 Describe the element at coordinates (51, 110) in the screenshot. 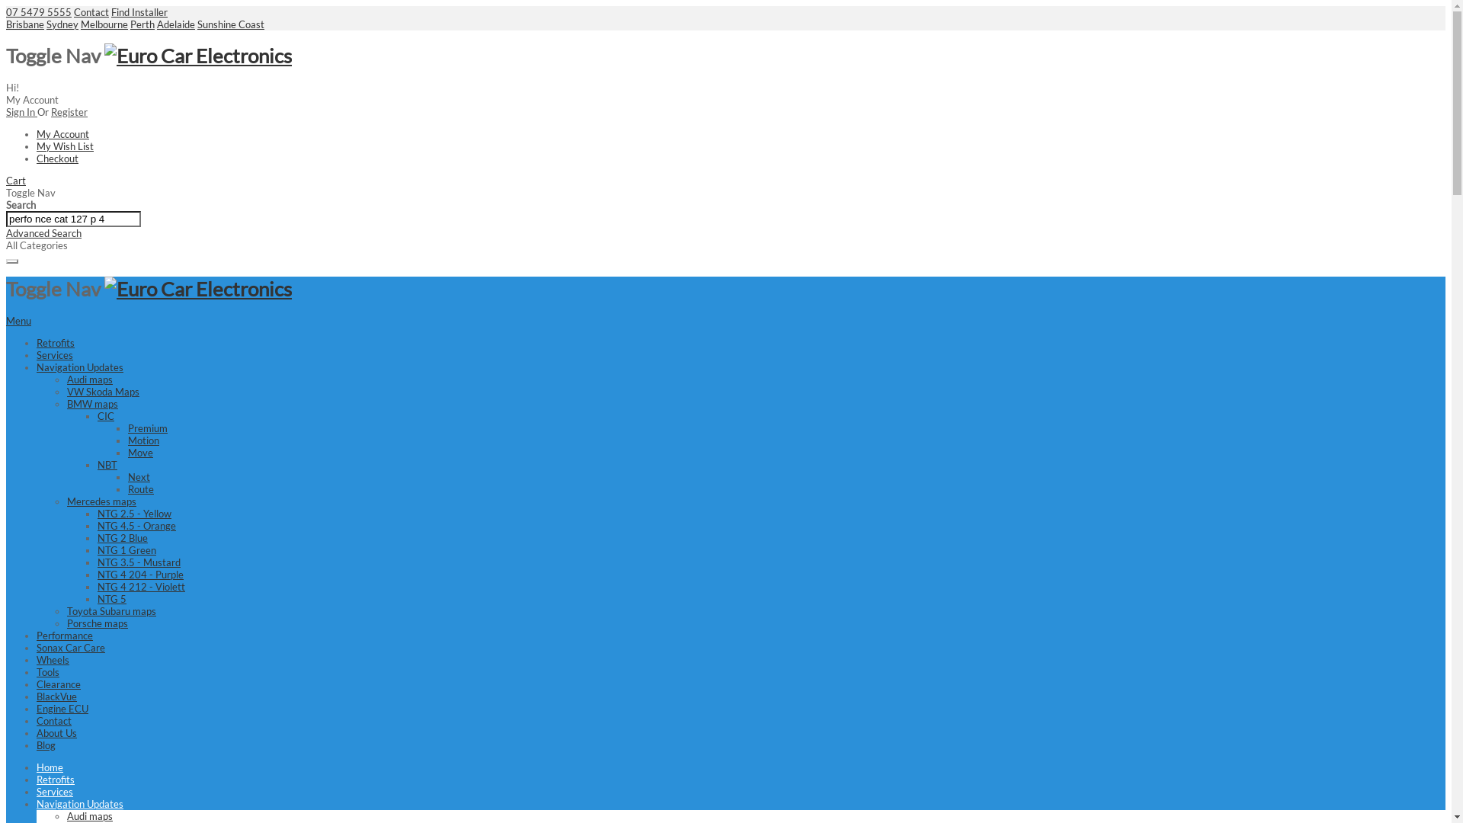

I see `'Register'` at that location.